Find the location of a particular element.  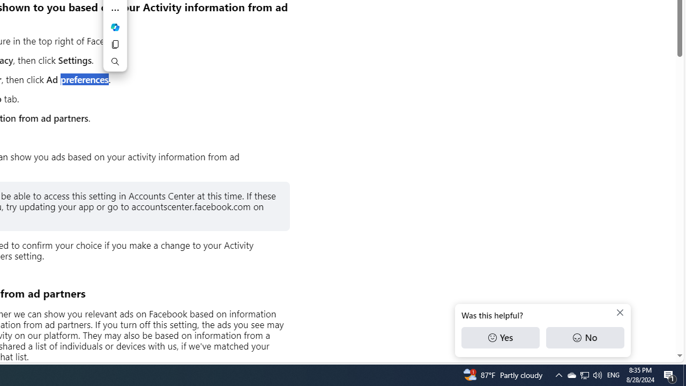

'Yes' is located at coordinates (500, 338).